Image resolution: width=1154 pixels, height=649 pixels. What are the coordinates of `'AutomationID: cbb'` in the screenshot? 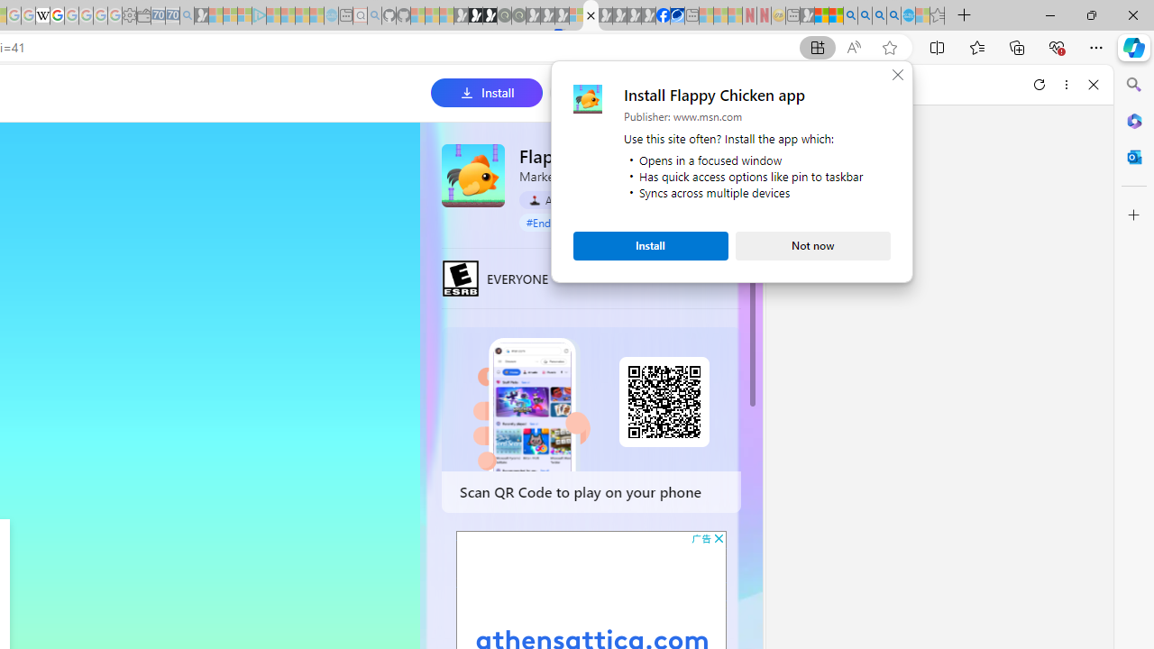 It's located at (718, 537).